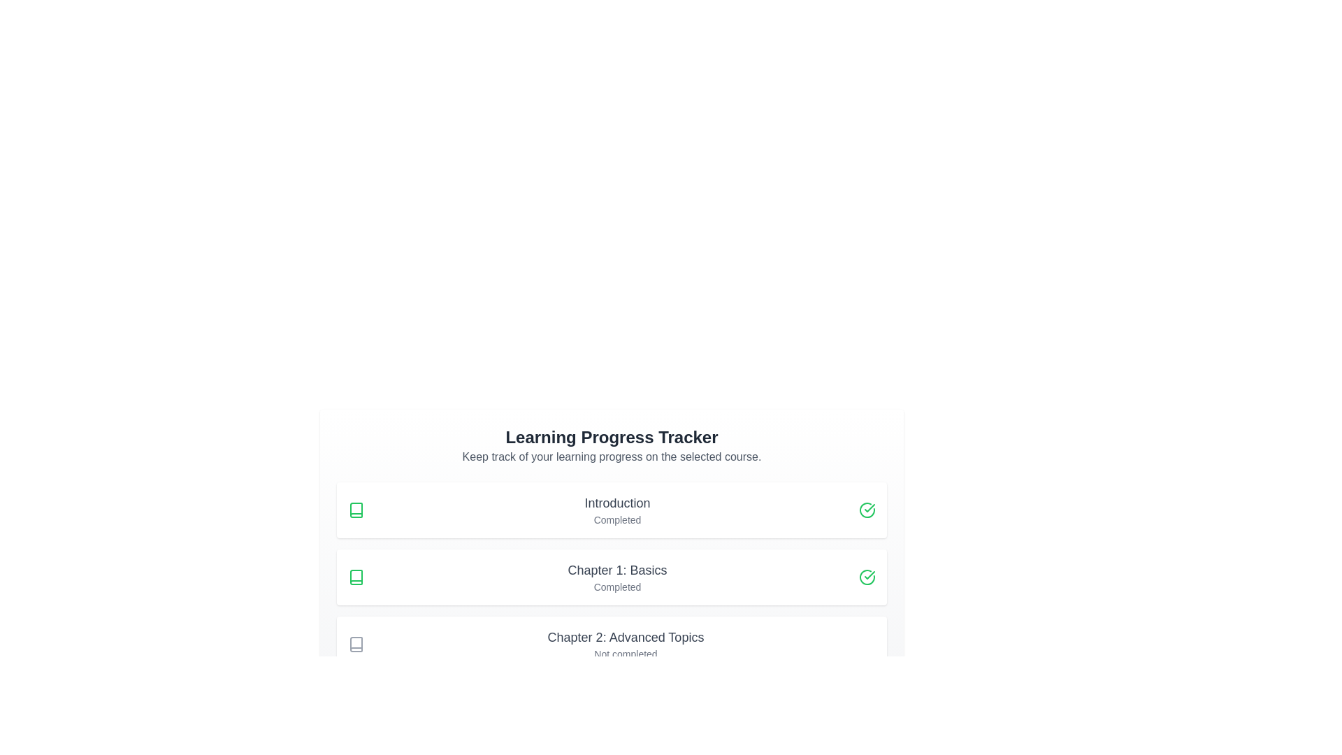 The height and width of the screenshot is (755, 1342). Describe the element at coordinates (869, 508) in the screenshot. I see `the green checkmark icon located adjacent to the 'Introduction' label in the 'Learning Progress Tracker' section` at that location.